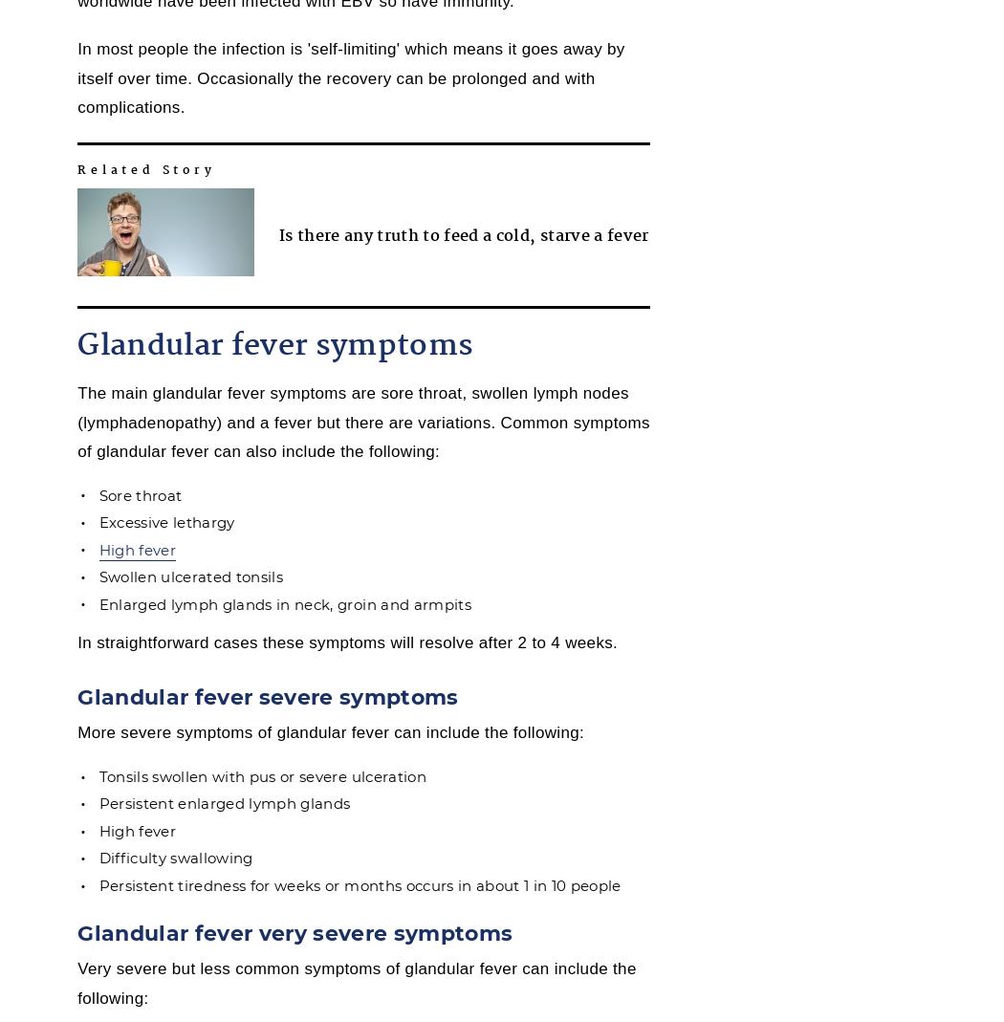 The image size is (1004, 1022). Describe the element at coordinates (261, 775) in the screenshot. I see `'Tonsils swollen with pus or severe ulceration'` at that location.